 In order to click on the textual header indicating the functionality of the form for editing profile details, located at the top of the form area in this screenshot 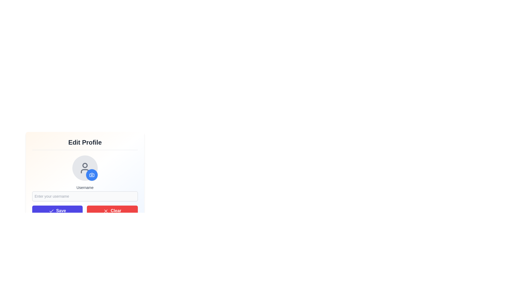, I will do `click(85, 144)`.